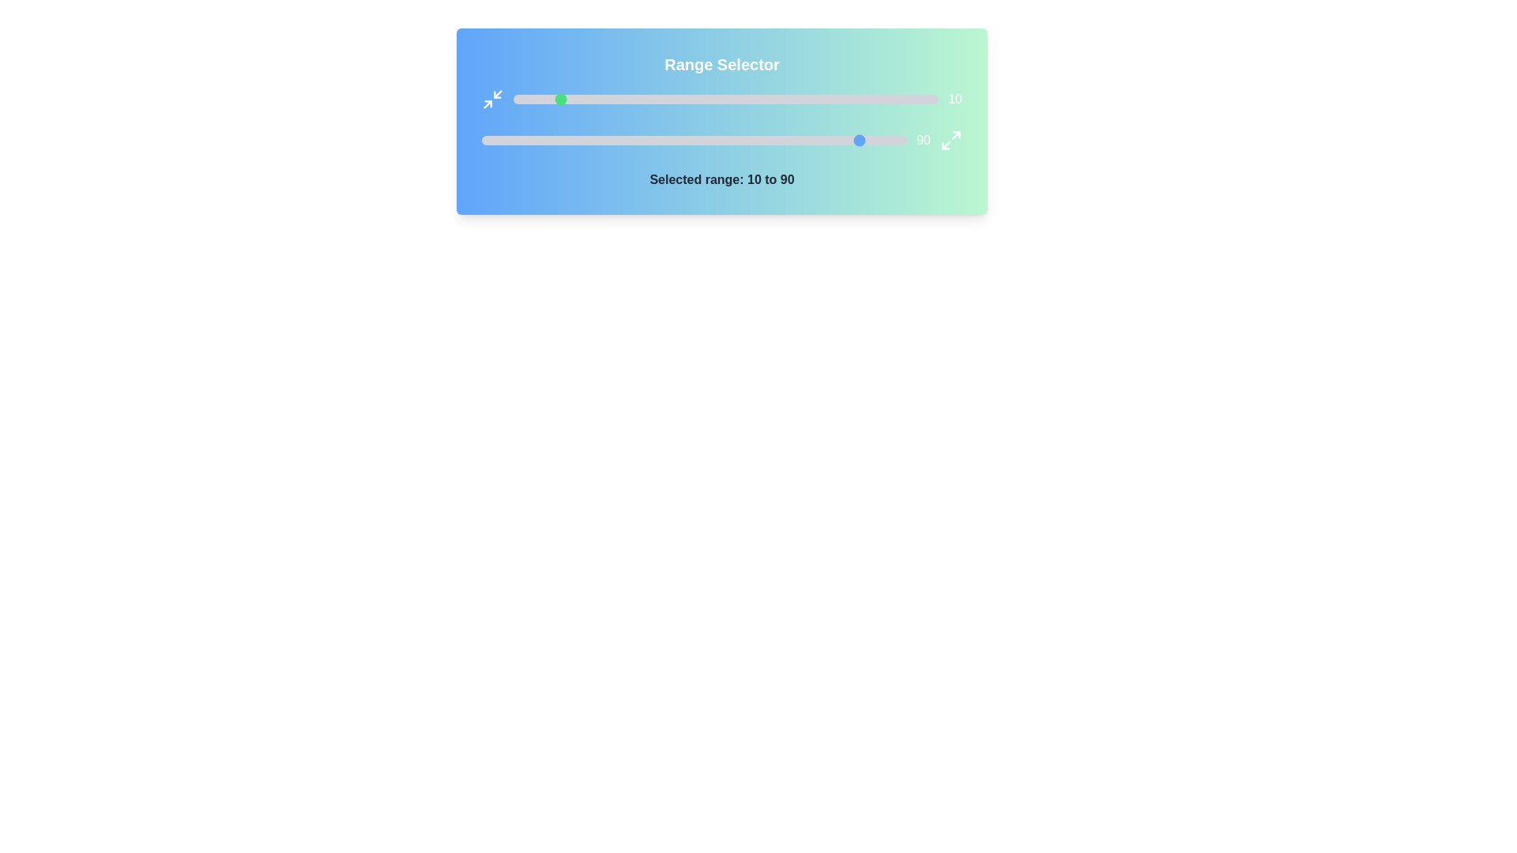 This screenshot has height=853, width=1517. What do you see at coordinates (502, 139) in the screenshot?
I see `the slider value` at bounding box center [502, 139].